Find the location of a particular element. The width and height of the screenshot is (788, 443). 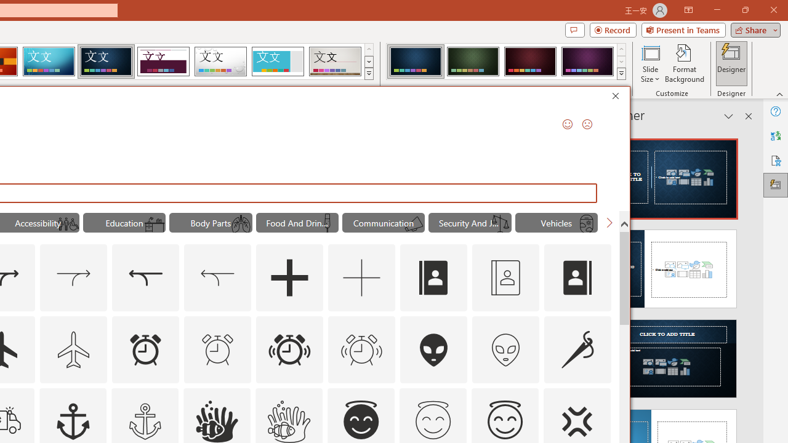

'Damask Variant 1' is located at coordinates (416, 62).